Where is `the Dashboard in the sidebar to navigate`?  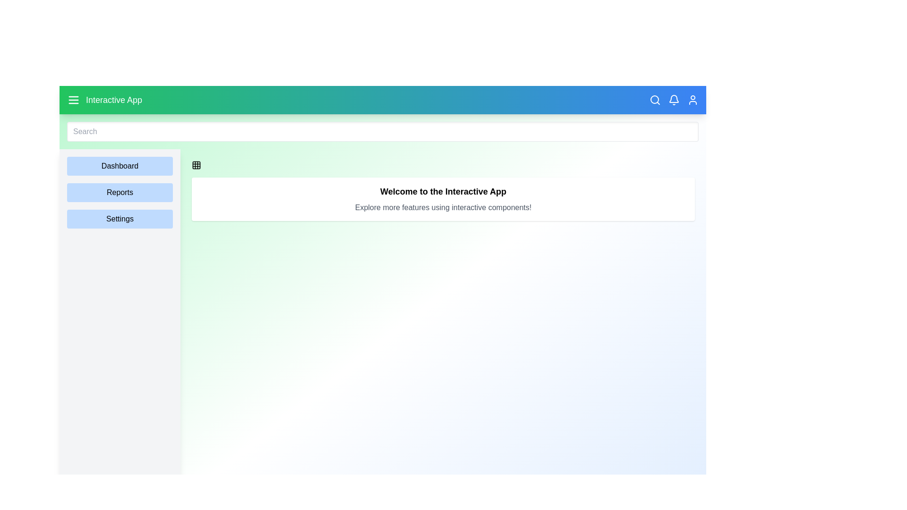
the Dashboard in the sidebar to navigate is located at coordinates (120, 165).